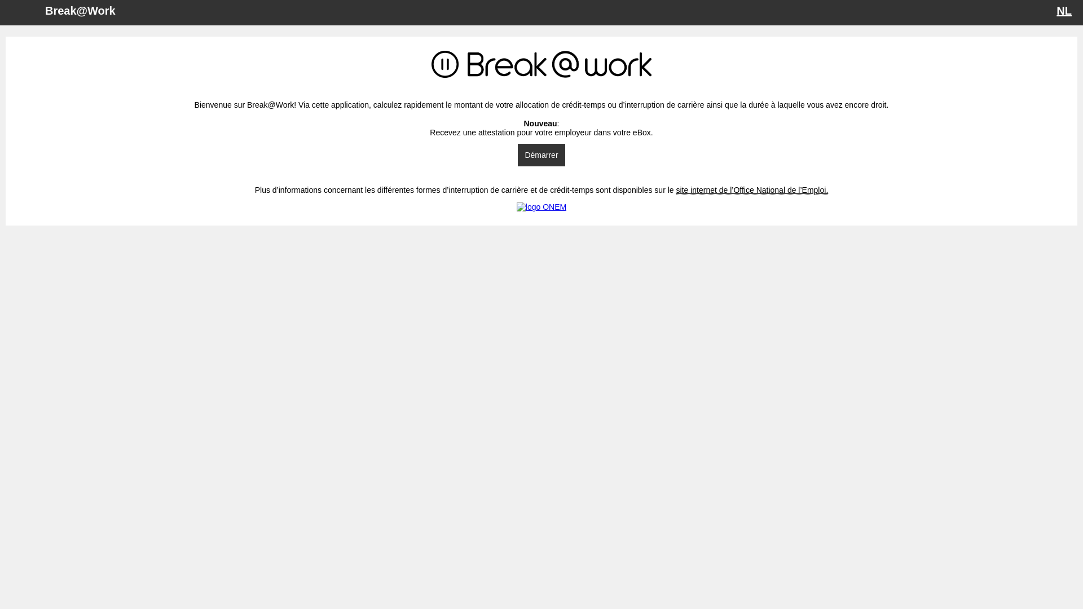 The width and height of the screenshot is (1083, 609). I want to click on 'NL', so click(1055, 11).